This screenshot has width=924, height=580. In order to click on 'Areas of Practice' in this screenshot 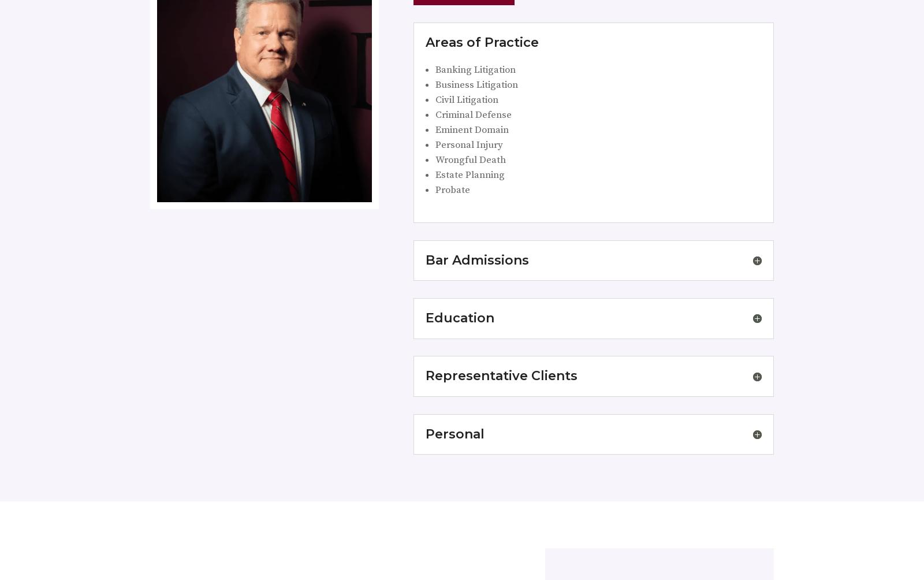, I will do `click(480, 42)`.